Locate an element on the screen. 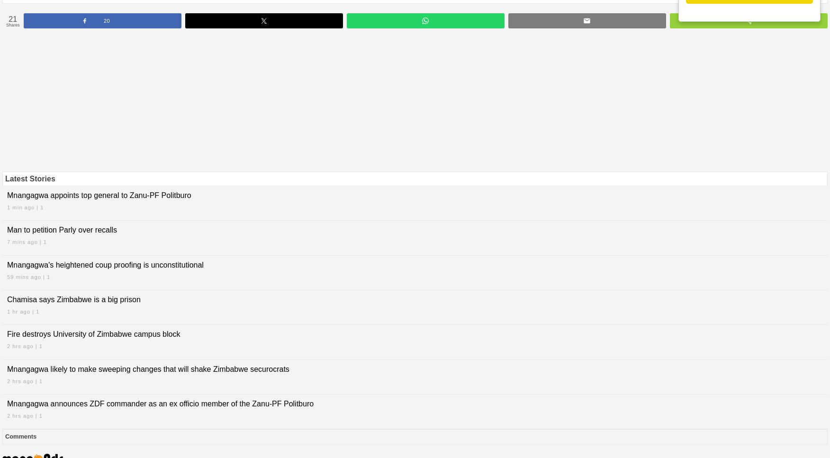  'Mnangagwa's heightened coup proofing is unconstitutional' is located at coordinates (104, 264).